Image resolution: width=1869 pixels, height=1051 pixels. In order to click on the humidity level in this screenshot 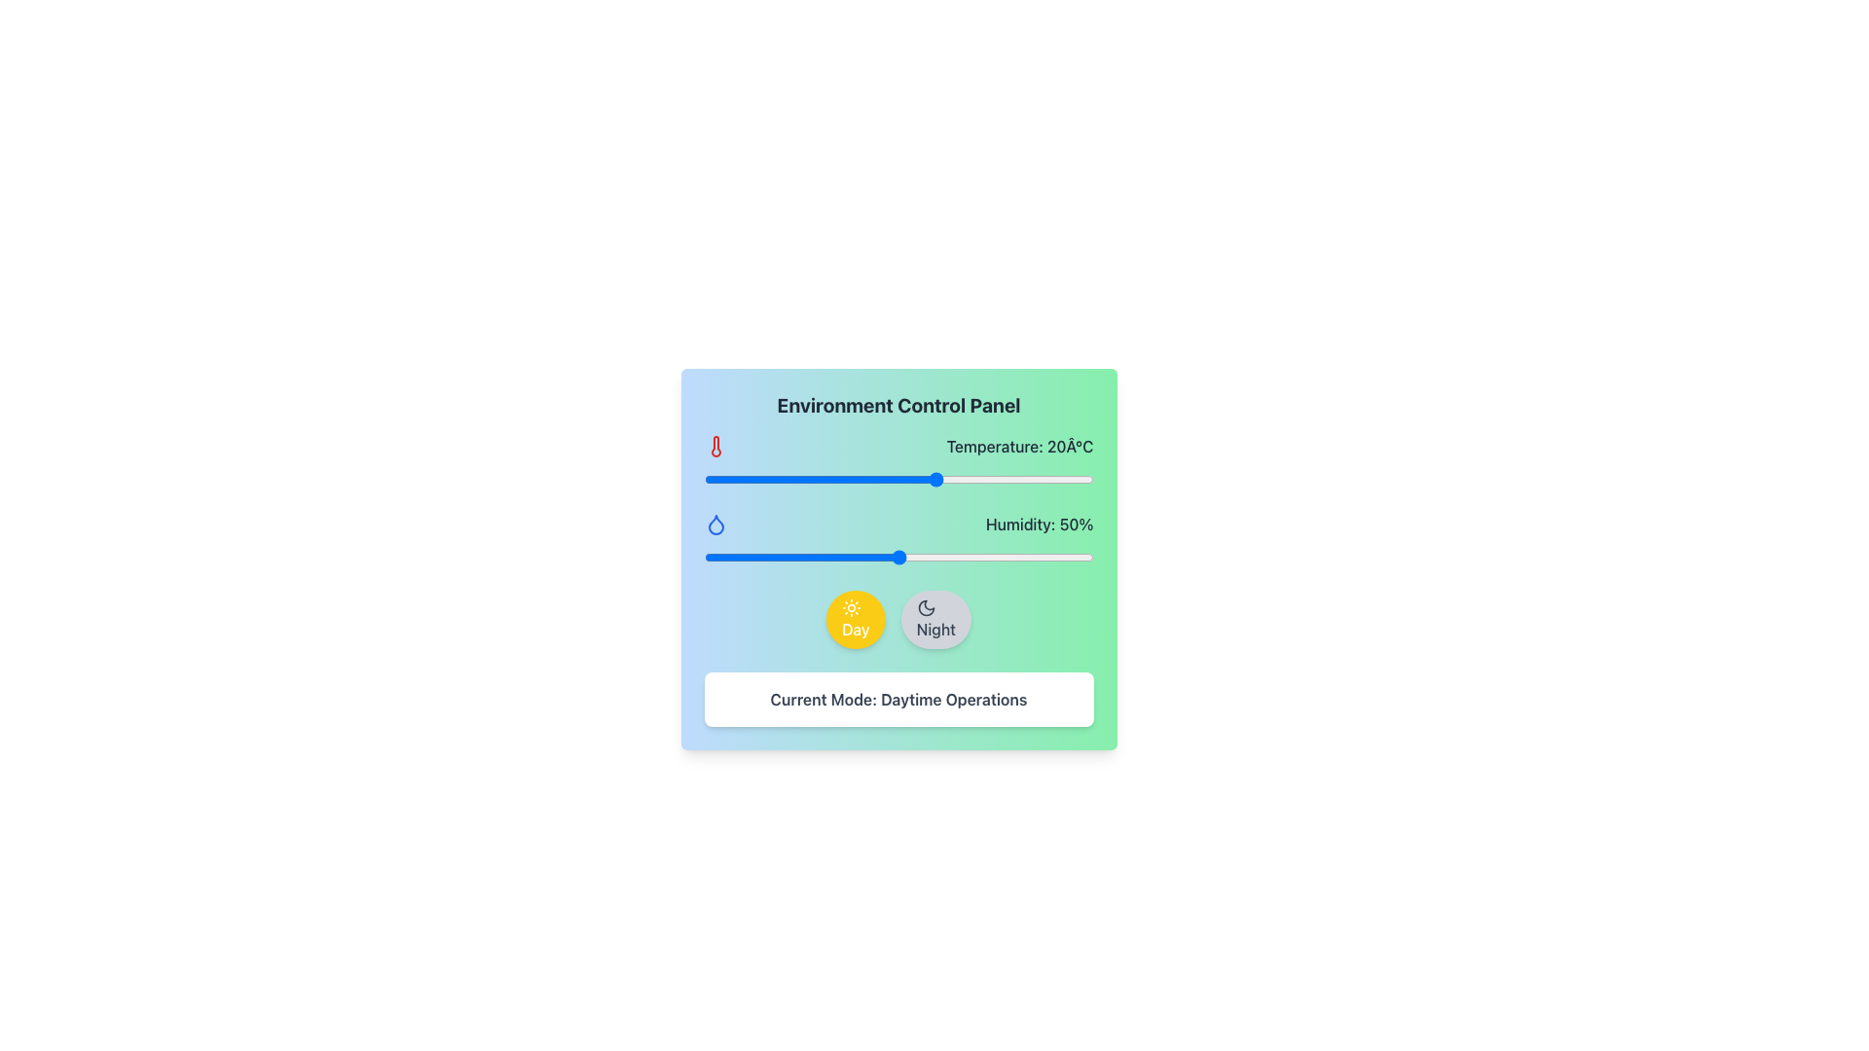, I will do `click(1077, 558)`.